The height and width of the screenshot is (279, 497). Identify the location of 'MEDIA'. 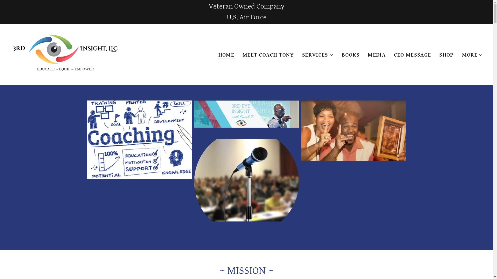
(377, 55).